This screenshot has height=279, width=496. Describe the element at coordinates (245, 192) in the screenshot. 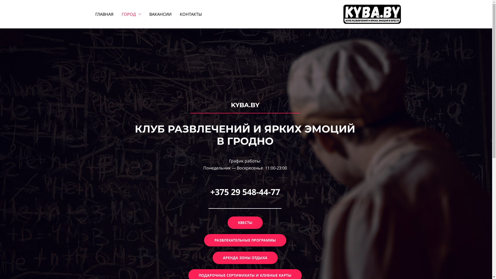

I see `'+375 29 548-44-77'` at that location.